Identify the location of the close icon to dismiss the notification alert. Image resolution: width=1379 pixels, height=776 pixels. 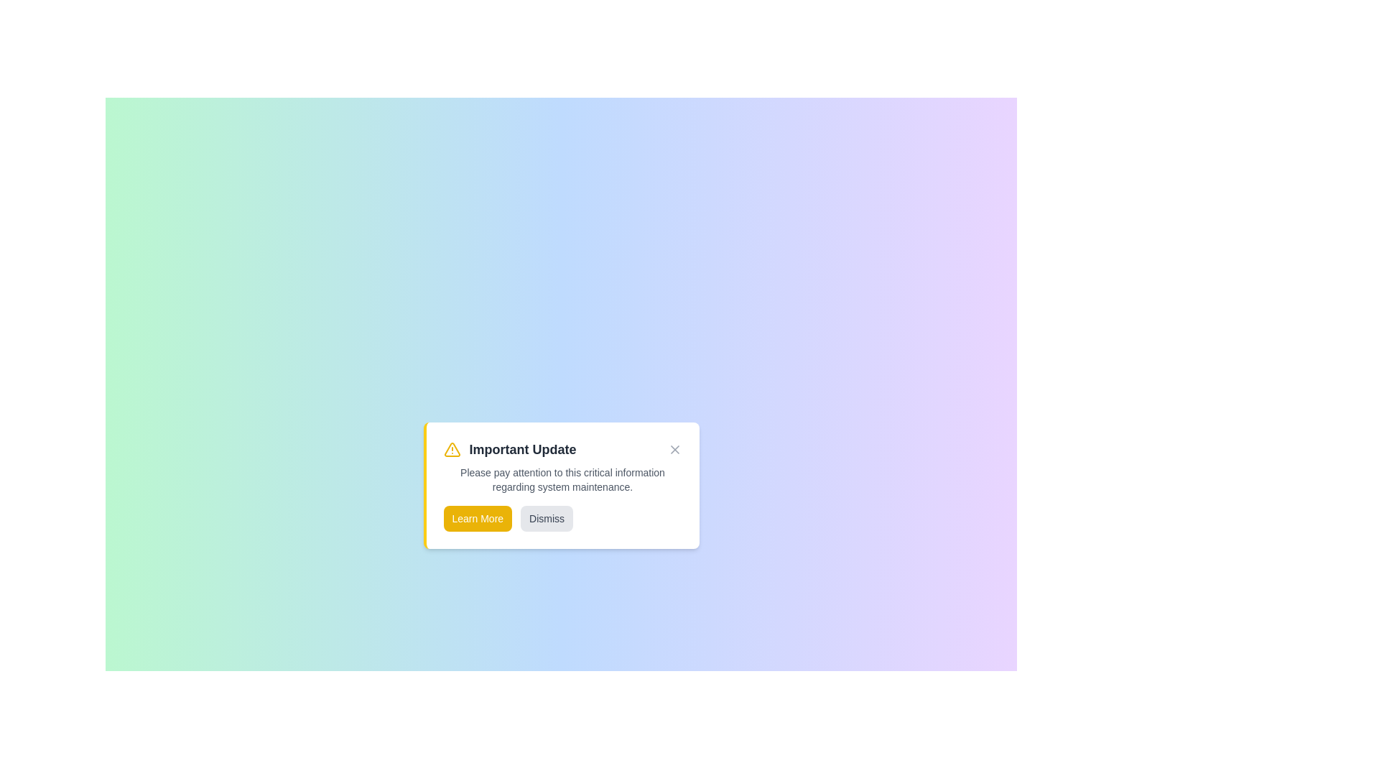
(674, 448).